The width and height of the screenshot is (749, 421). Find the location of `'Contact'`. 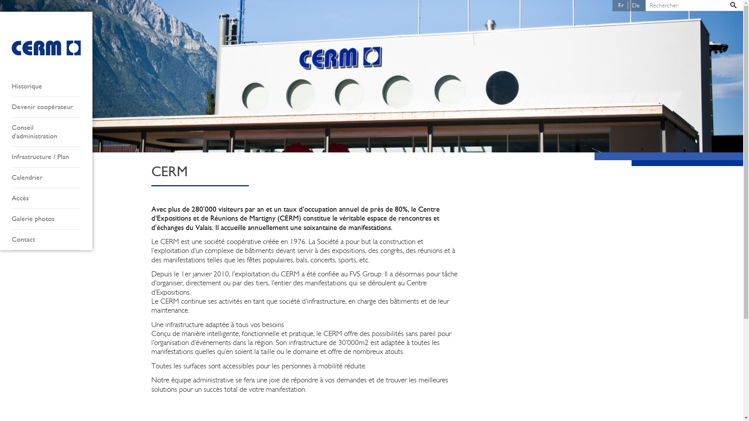

'Contact' is located at coordinates (46, 239).